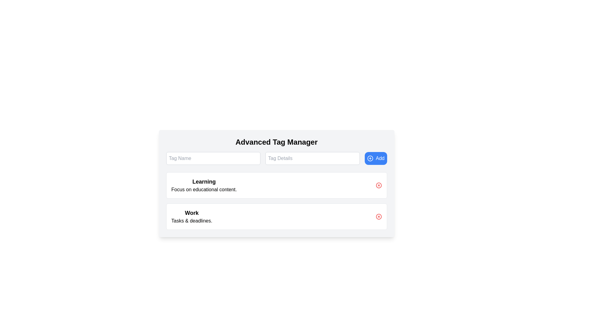 The height and width of the screenshot is (331, 589). Describe the element at coordinates (204, 185) in the screenshot. I see `the Text block labeled 'Learning' with the description 'Focus on educational content', located in the first card of a vertical list near the upper half of the interface` at that location.